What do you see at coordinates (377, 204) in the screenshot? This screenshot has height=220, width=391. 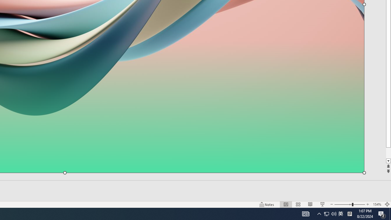 I see `'Zoom 154%'` at bounding box center [377, 204].